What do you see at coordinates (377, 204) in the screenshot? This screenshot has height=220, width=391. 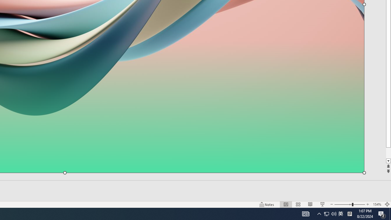 I see `'Zoom 154%'` at bounding box center [377, 204].